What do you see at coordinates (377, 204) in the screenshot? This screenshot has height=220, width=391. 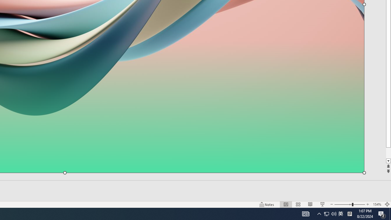 I see `'Zoom 154%'` at bounding box center [377, 204].